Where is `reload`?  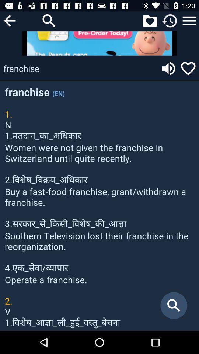
reload is located at coordinates (170, 20).